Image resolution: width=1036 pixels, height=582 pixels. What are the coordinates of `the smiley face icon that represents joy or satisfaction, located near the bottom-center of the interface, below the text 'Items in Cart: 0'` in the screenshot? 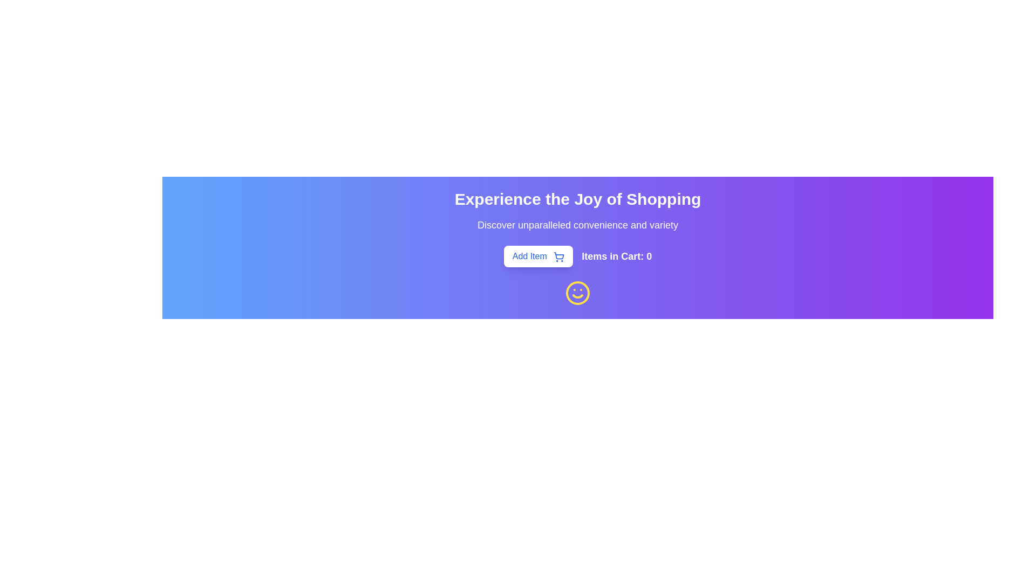 It's located at (577, 293).